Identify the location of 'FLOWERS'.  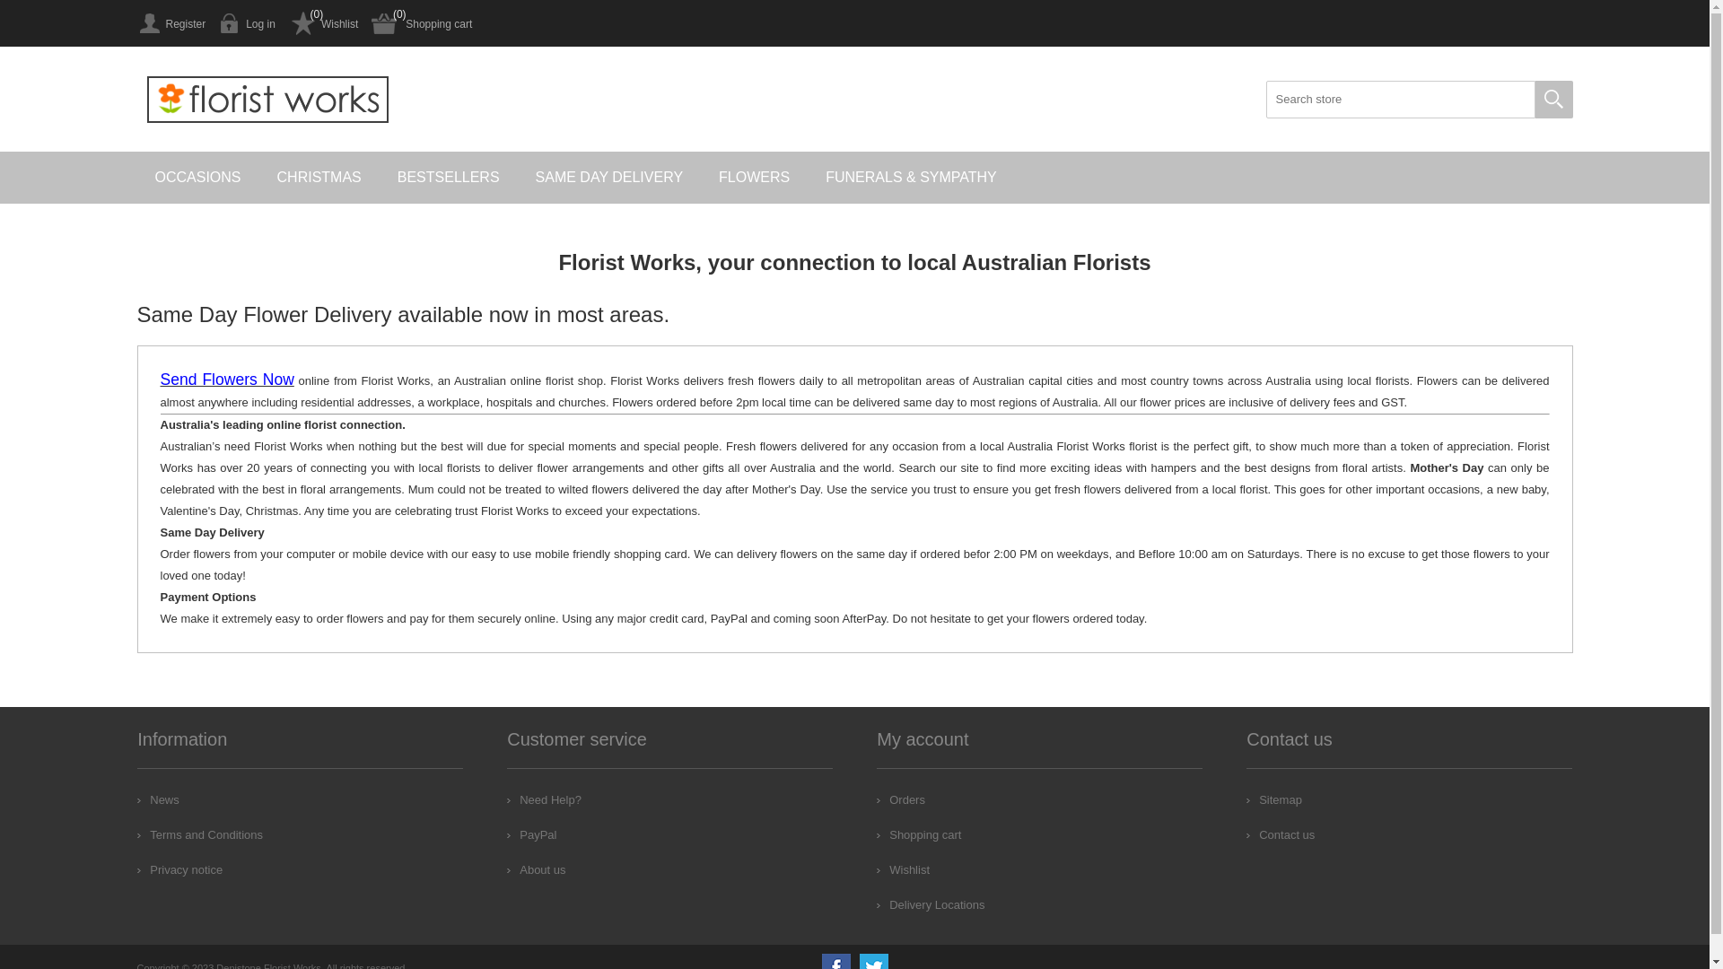
(754, 177).